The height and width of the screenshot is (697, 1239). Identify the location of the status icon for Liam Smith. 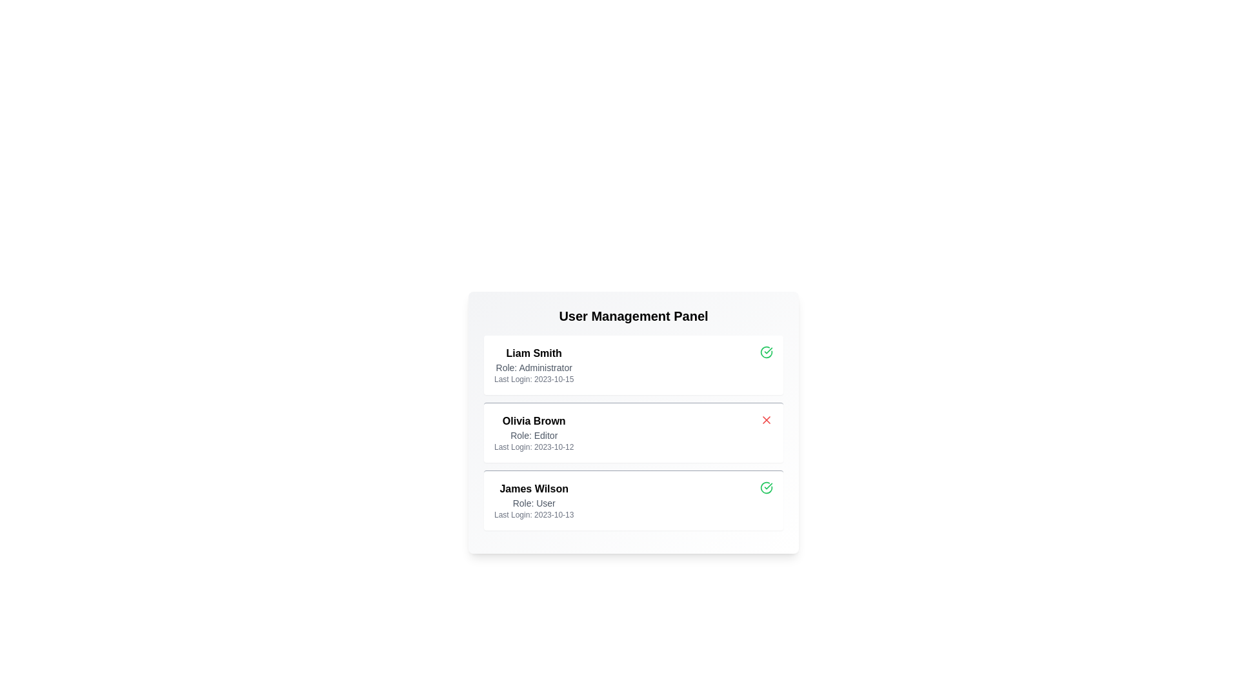
(767, 352).